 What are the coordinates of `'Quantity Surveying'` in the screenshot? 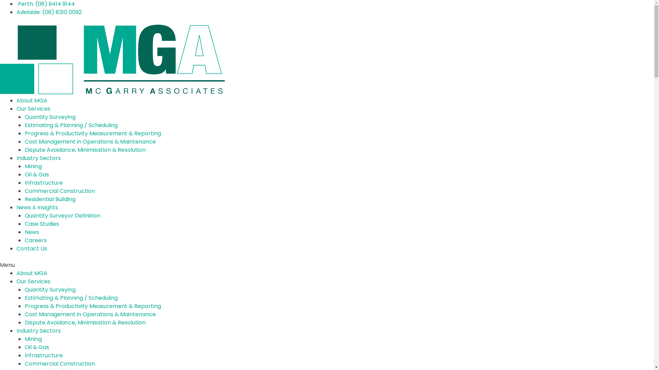 It's located at (49, 289).